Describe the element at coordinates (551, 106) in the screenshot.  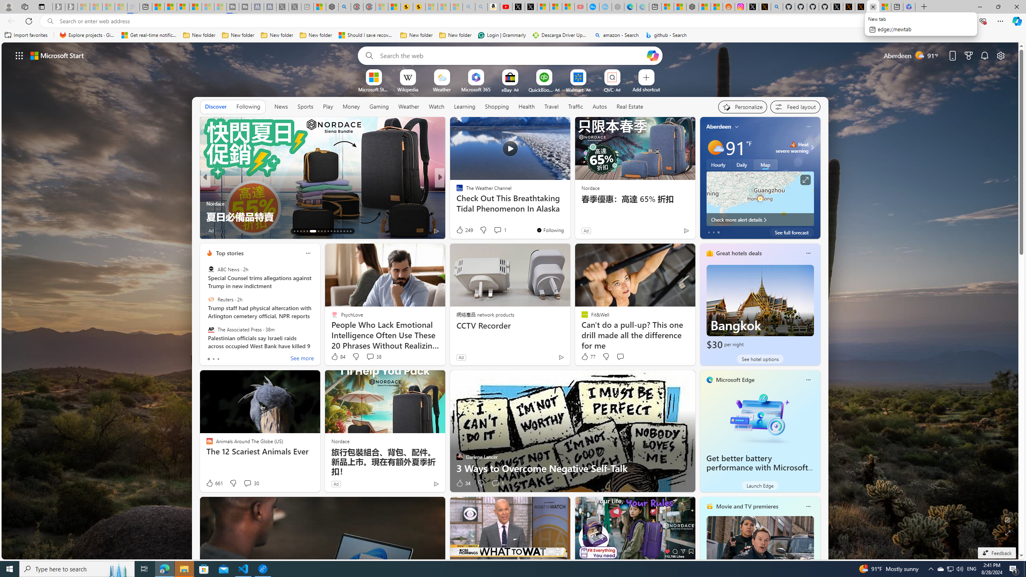
I see `'Travel'` at that location.